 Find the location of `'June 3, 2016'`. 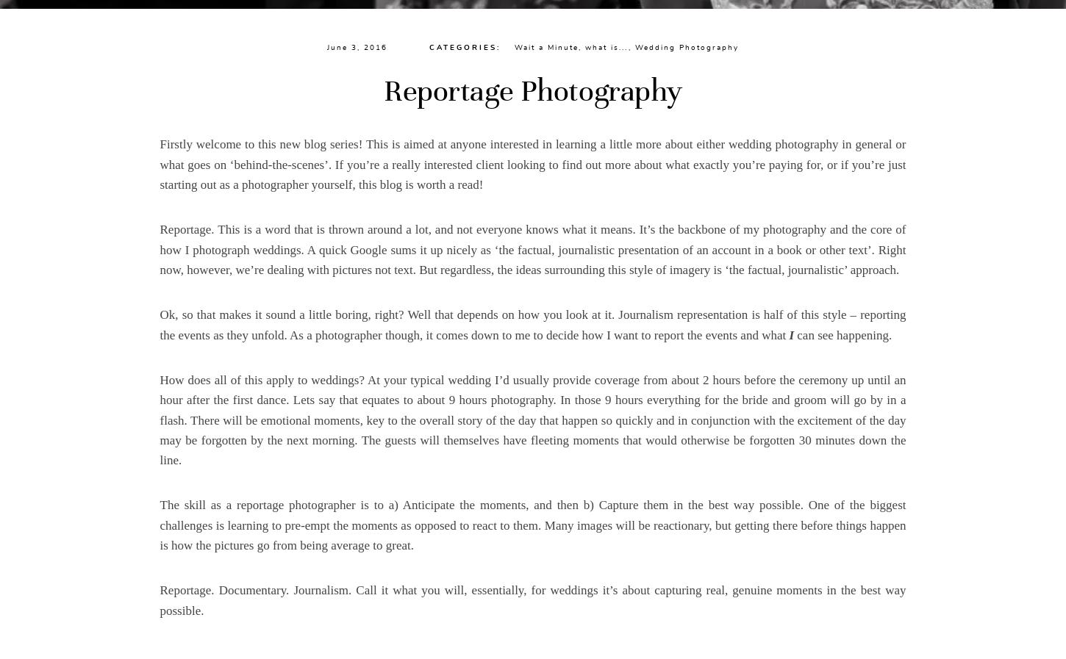

'June 3, 2016' is located at coordinates (357, 47).